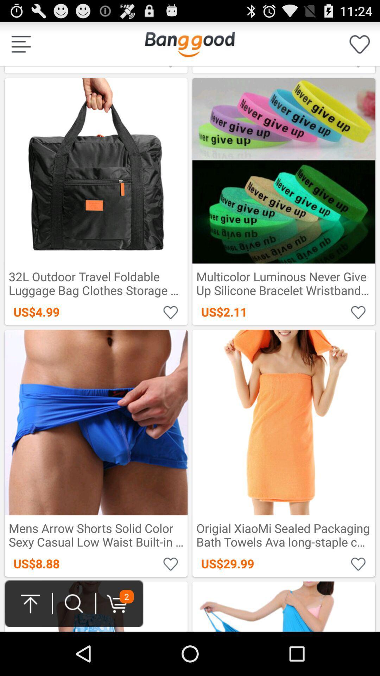 The width and height of the screenshot is (380, 676). What do you see at coordinates (171, 312) in the screenshot?
I see `mark as favorite` at bounding box center [171, 312].